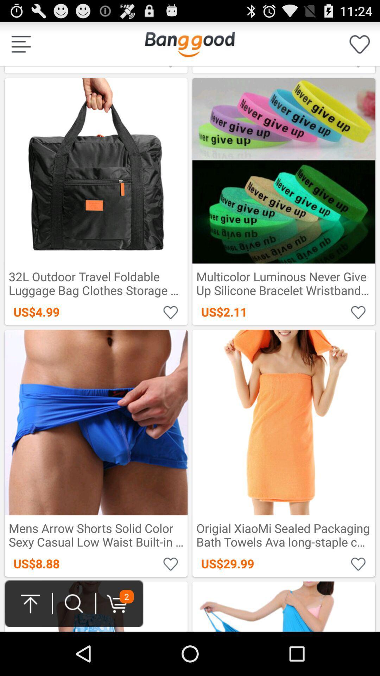 The width and height of the screenshot is (380, 676). What do you see at coordinates (171, 312) in the screenshot?
I see `mark as favorite` at bounding box center [171, 312].